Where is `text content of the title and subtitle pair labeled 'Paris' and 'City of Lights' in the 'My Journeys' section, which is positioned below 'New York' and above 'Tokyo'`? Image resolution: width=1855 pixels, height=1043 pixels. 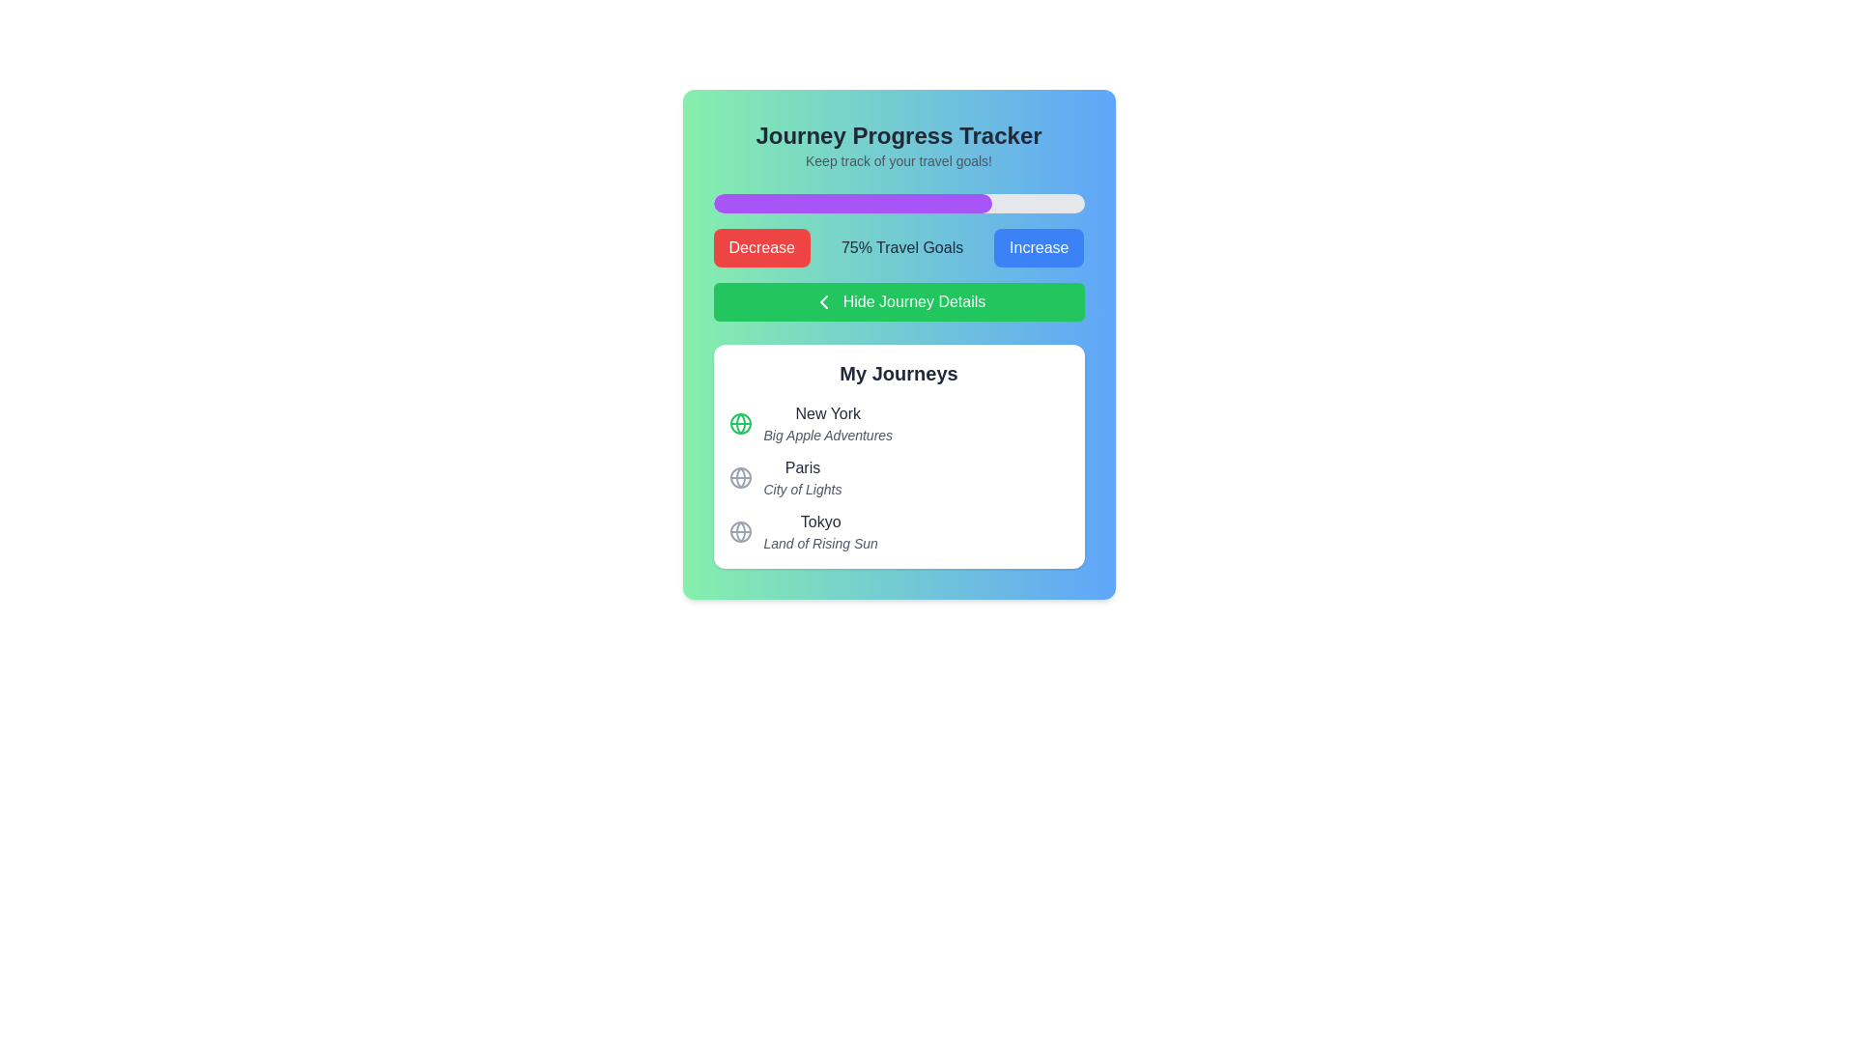 text content of the title and subtitle pair labeled 'Paris' and 'City of Lights' in the 'My Journeys' section, which is positioned below 'New York' and above 'Tokyo' is located at coordinates (802, 477).